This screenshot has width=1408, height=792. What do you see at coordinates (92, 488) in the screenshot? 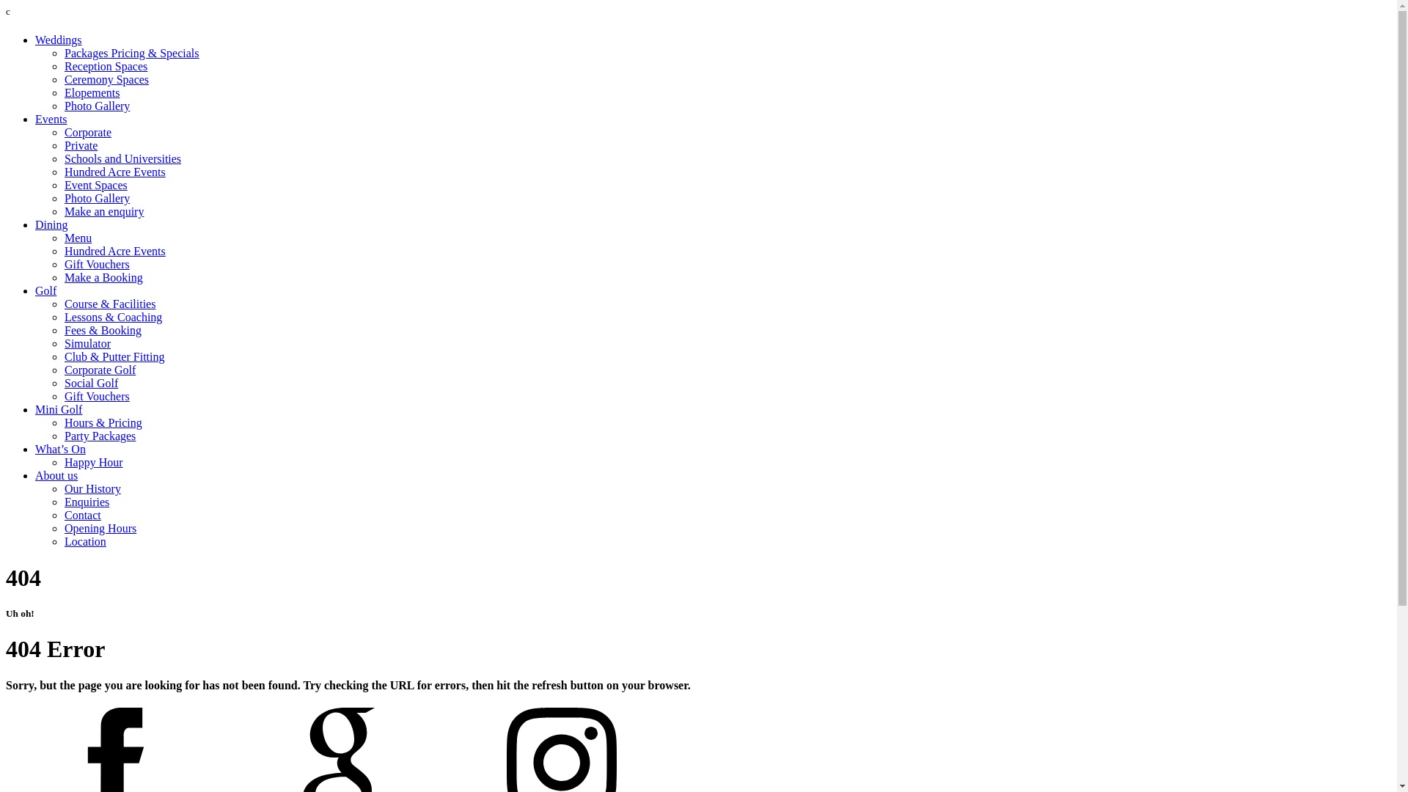
I see `'Our History'` at bounding box center [92, 488].